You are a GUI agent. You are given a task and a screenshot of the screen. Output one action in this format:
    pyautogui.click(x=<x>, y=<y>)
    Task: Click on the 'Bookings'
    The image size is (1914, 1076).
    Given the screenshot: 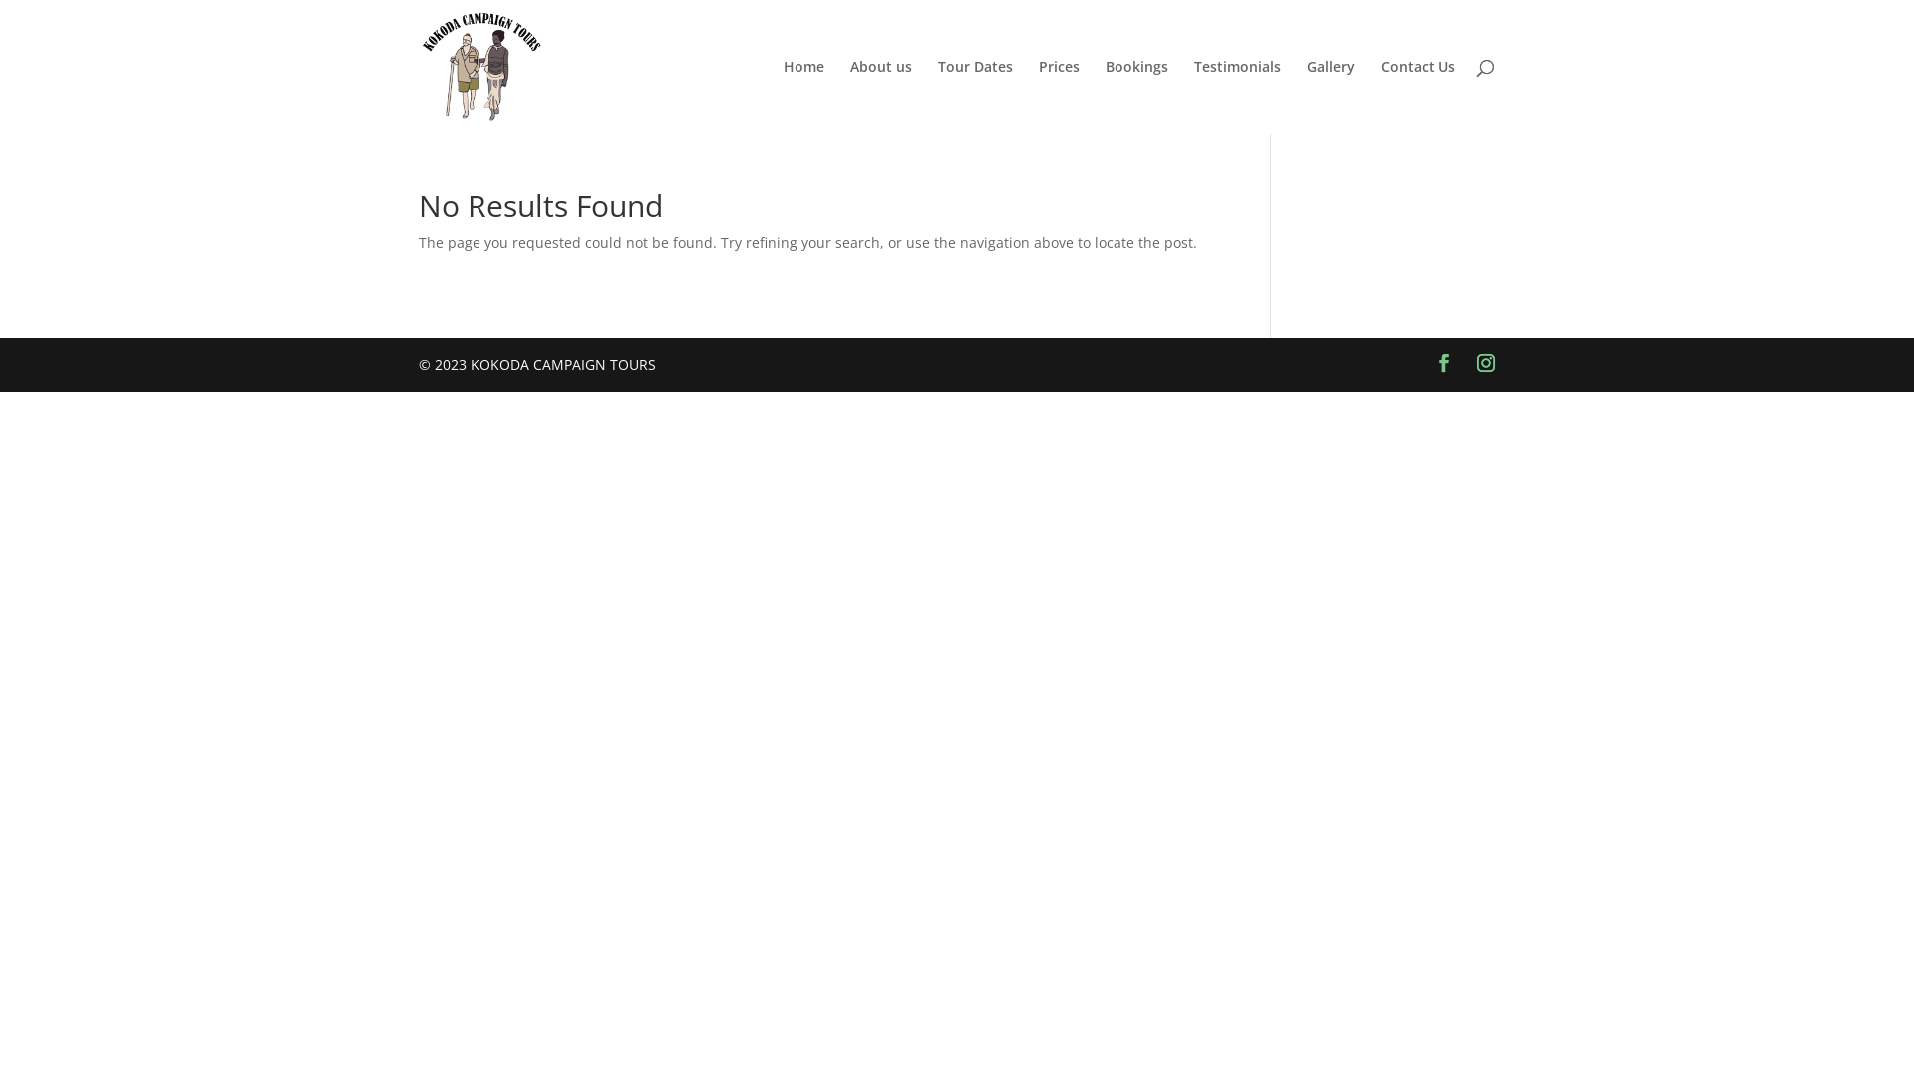 What is the action you would take?
    pyautogui.click(x=1136, y=96)
    